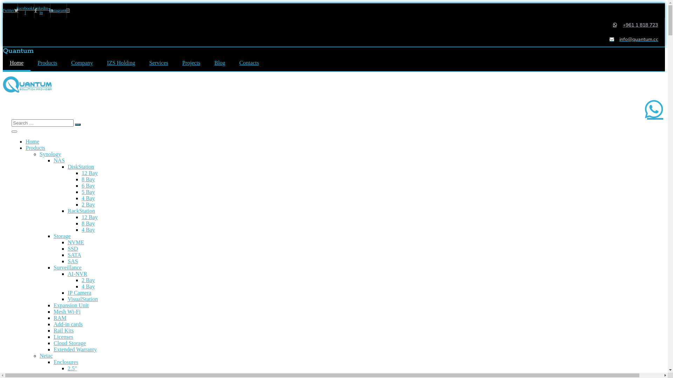  Describe the element at coordinates (81, 210) in the screenshot. I see `'RackStation'` at that location.